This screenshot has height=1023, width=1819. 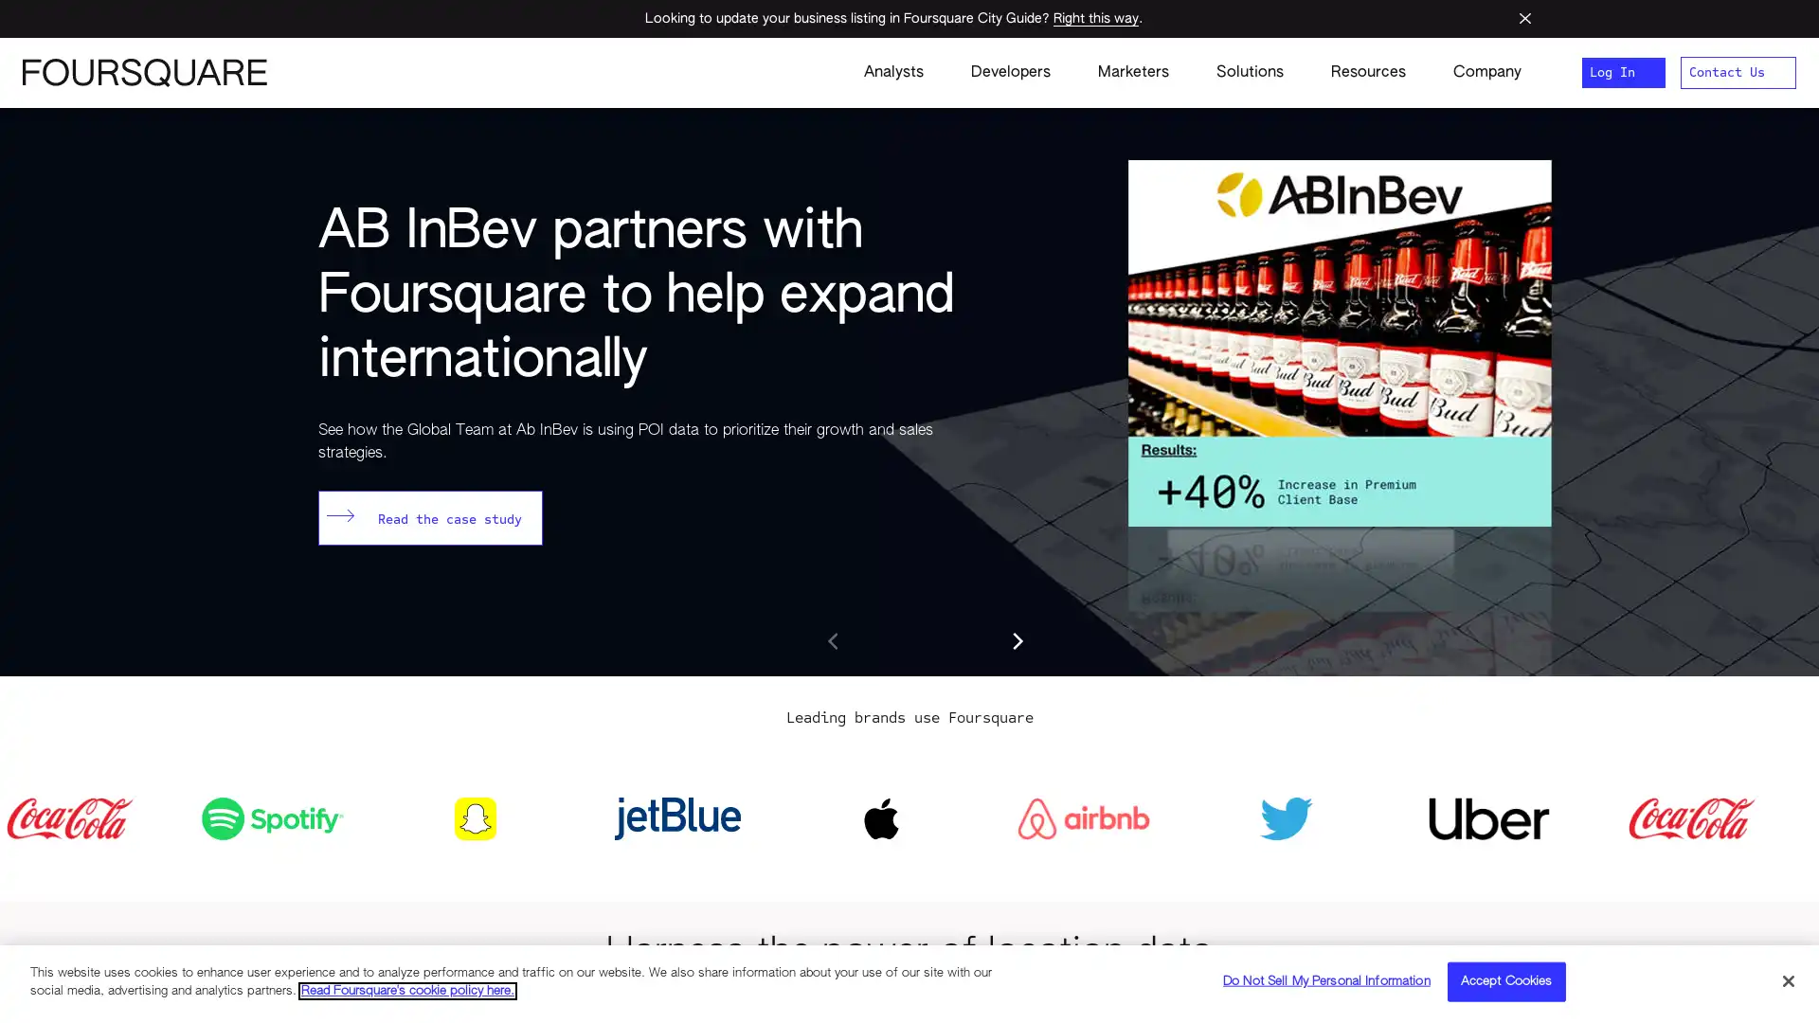 I want to click on Close, so click(x=1787, y=979).